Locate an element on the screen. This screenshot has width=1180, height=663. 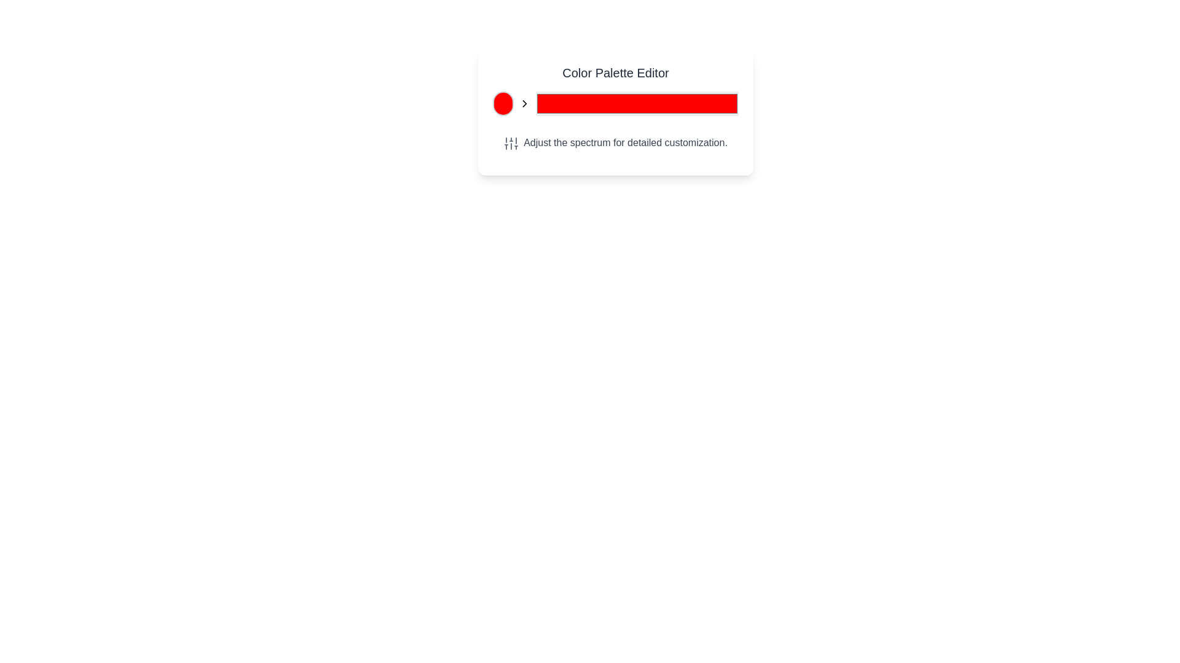
the vivid red color input field in the 'Color Palette Editor' is located at coordinates (637, 103).